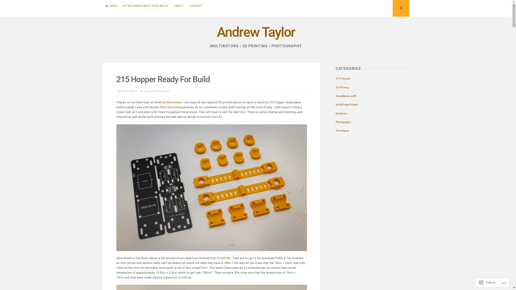 The width and height of the screenshot is (516, 290). What do you see at coordinates (335, 96) in the screenshot?
I see `'Miscellaneous RC'` at bounding box center [335, 96].